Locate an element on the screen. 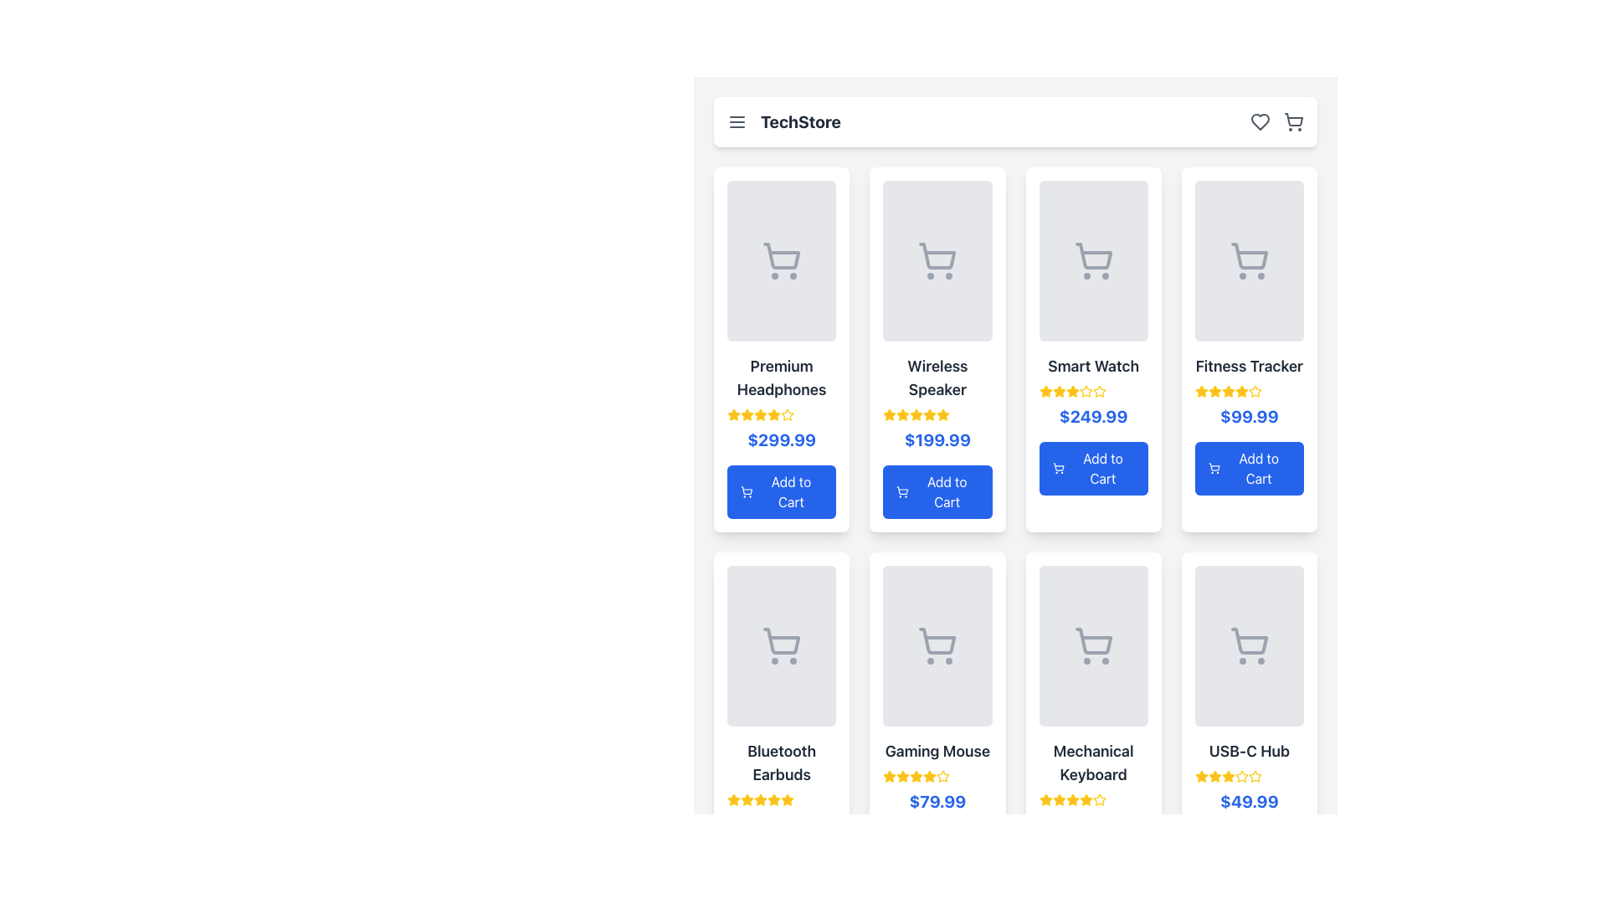 This screenshot has width=1607, height=904. the gray minimalist cart icon located in the second item of the top row of product cards labeled 'Wireless Speaker', centered above the blue 'Add to Cart' button is located at coordinates (937, 261).